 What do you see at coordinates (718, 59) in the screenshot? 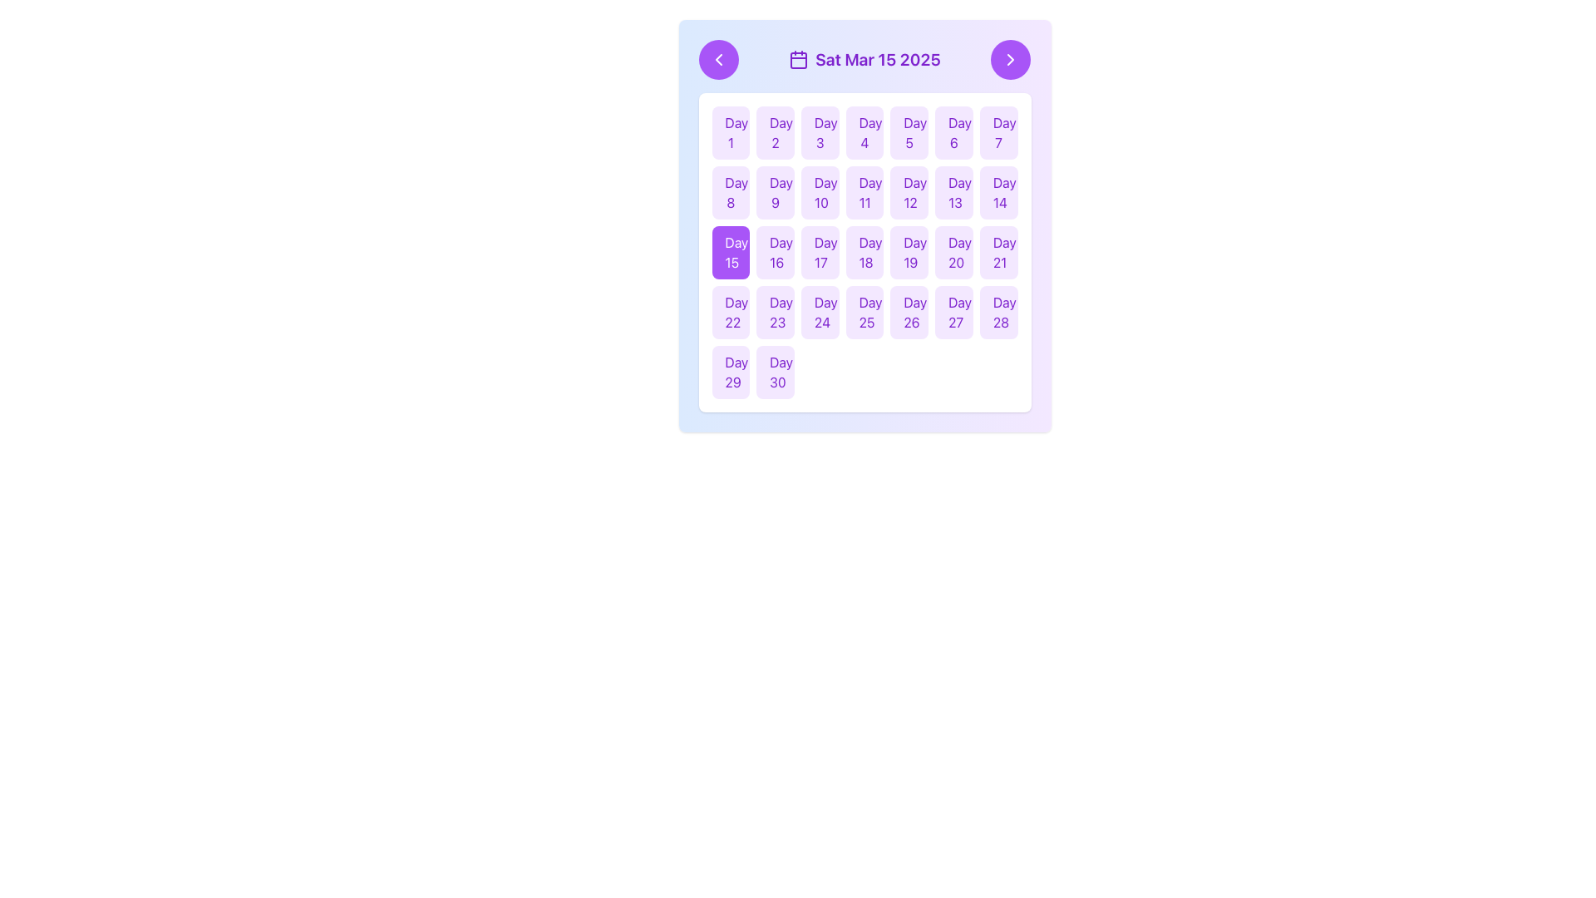
I see `the chevron icon located on the left side of the calendar interface's header` at bounding box center [718, 59].